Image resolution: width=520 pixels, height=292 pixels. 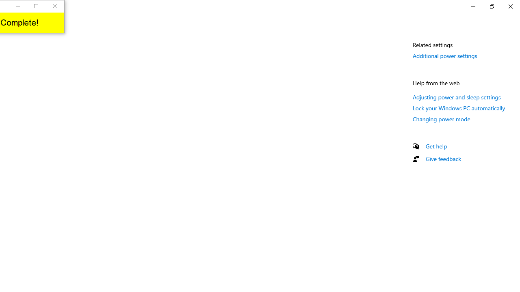 What do you see at coordinates (459, 107) in the screenshot?
I see `'Lock your Windows PC automatically'` at bounding box center [459, 107].